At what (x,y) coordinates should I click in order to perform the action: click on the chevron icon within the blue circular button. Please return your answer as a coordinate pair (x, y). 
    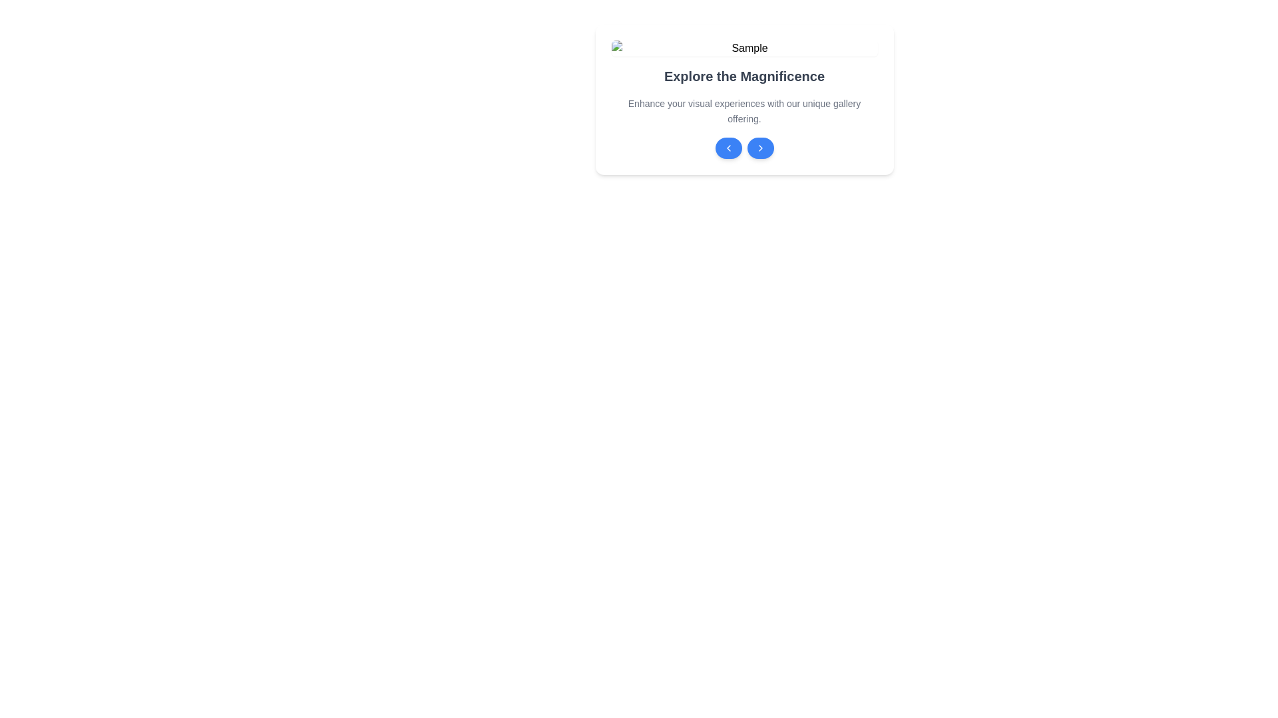
    Looking at the image, I should click on (760, 148).